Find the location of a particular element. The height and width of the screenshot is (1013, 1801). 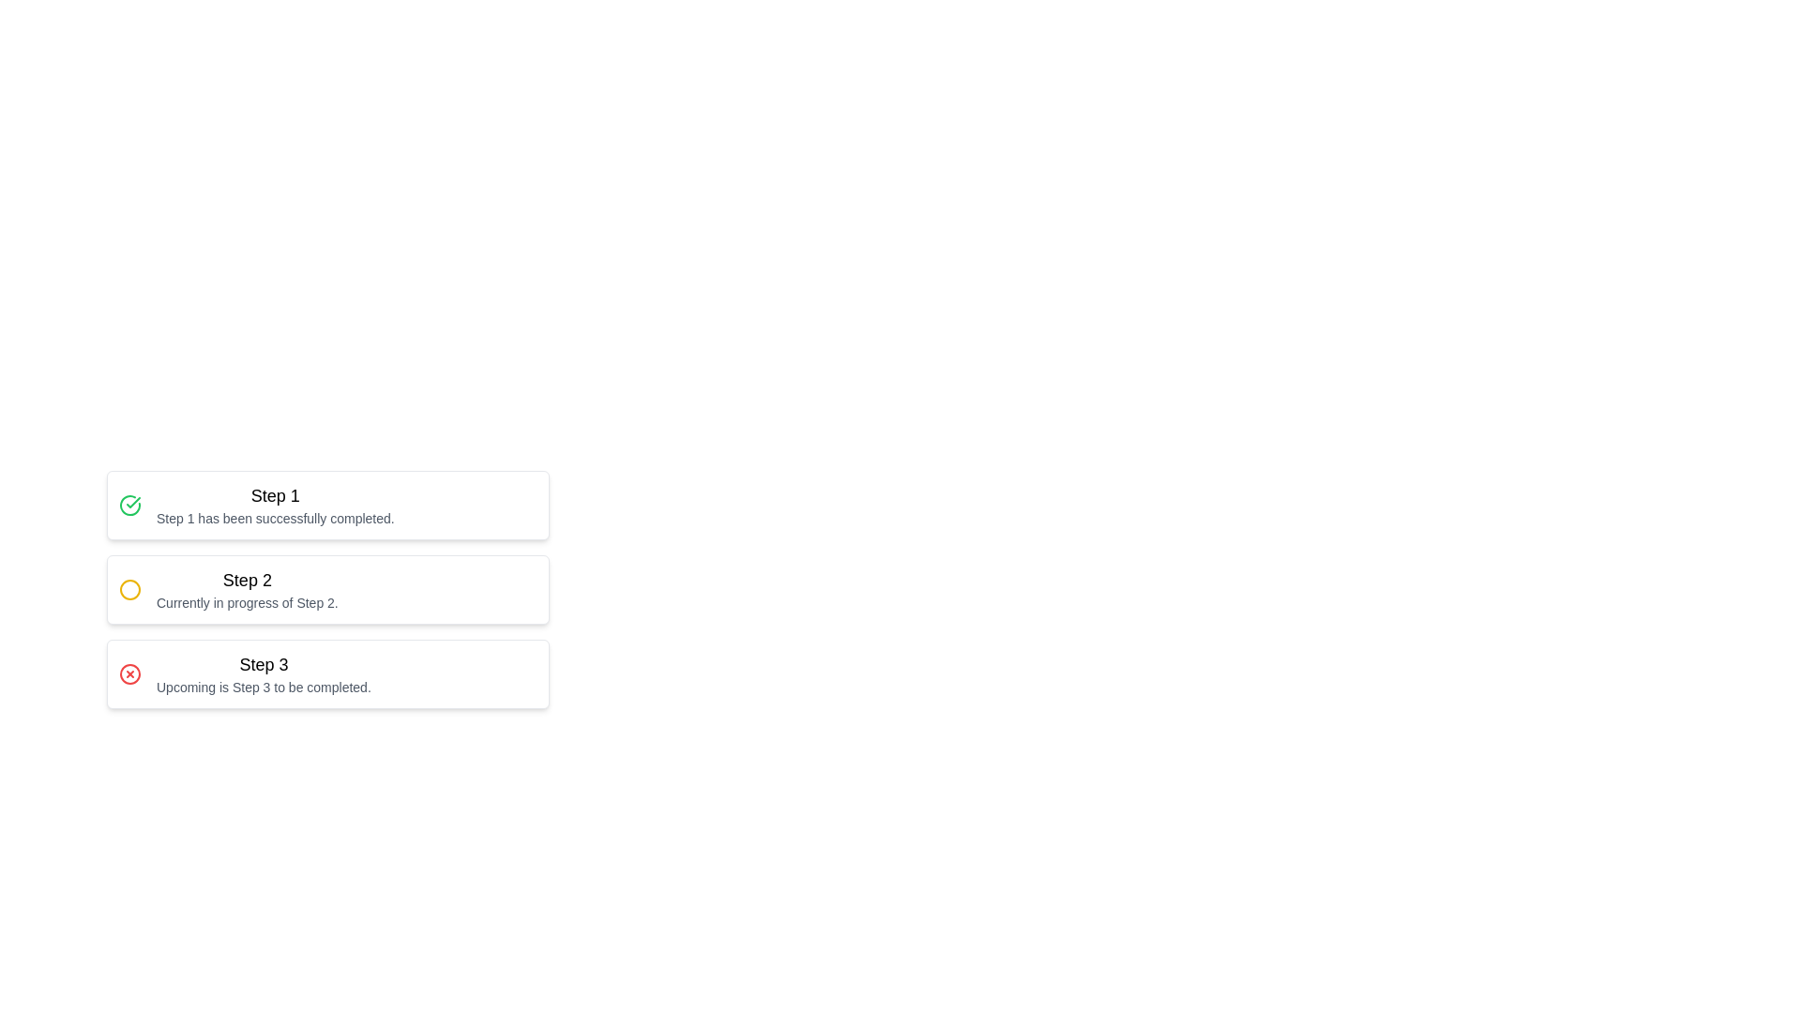

the icon indicating the completion of Step 1 in the multi-step process for details is located at coordinates (129, 505).